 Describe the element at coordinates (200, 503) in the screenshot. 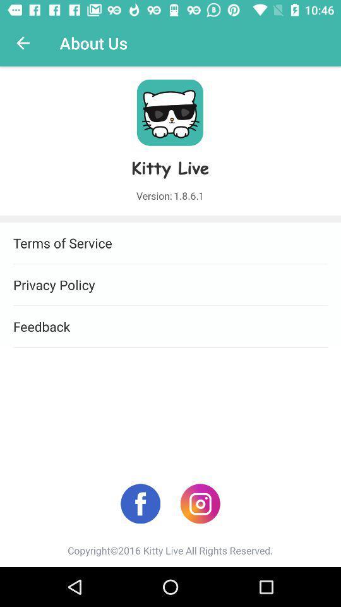

I see `instagram` at that location.